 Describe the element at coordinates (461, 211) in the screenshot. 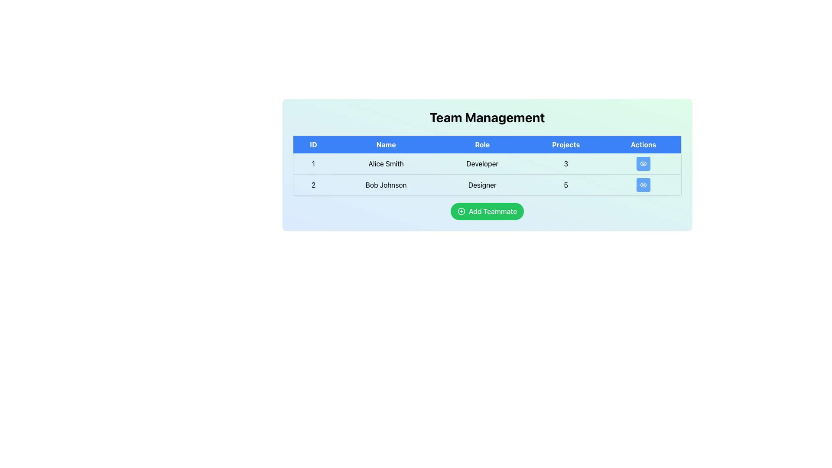

I see `the button labeled 'Add Teammate' which contains a circular icon with a plus sign on its left side` at that location.